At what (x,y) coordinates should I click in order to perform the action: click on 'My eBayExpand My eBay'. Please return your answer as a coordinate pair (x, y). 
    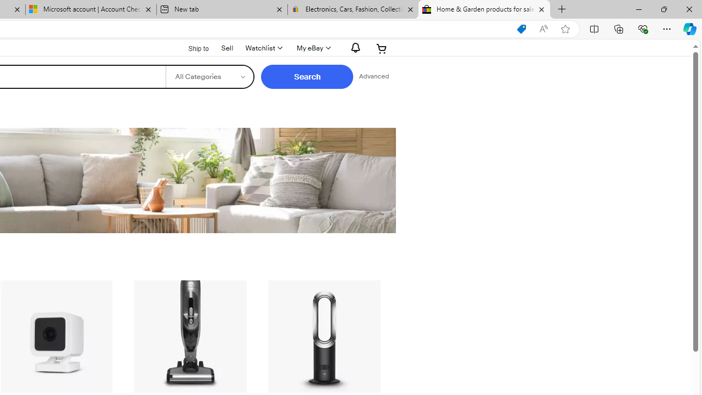
    Looking at the image, I should click on (312, 48).